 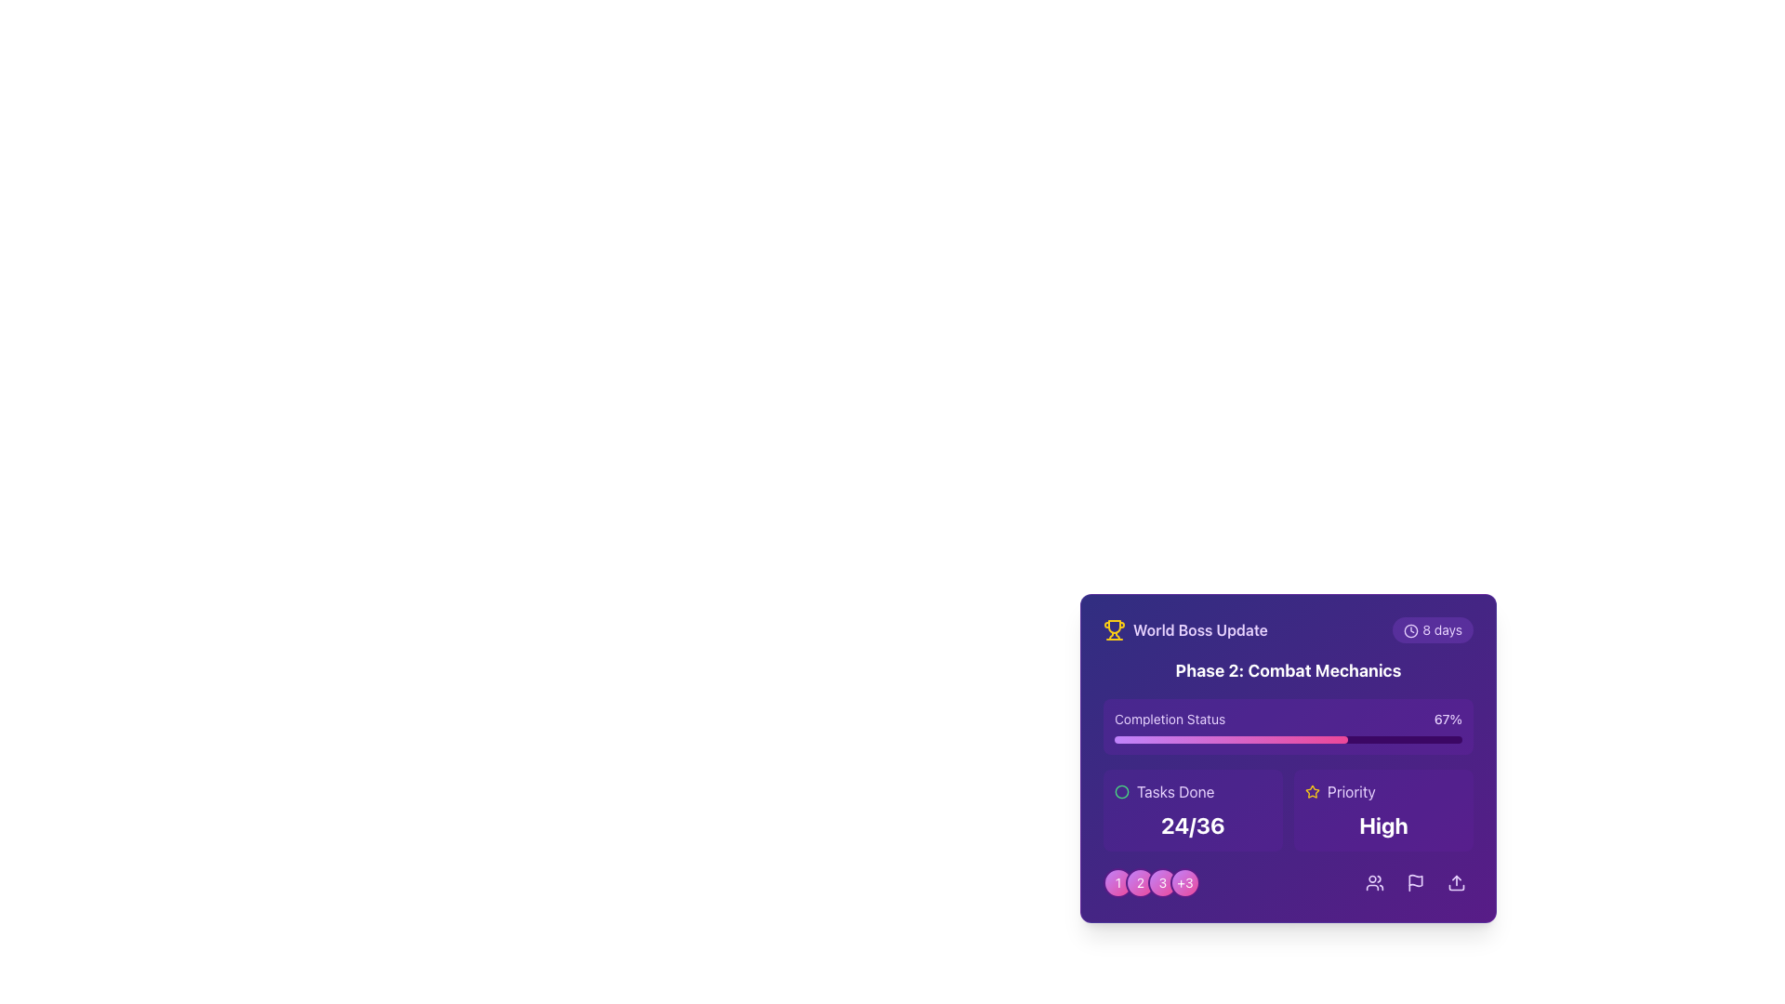 What do you see at coordinates (1117, 881) in the screenshot?
I see `the first circular label icon located at the bottom-left part of the interface, which serves as an identifier for a specific item, state, or category` at bounding box center [1117, 881].